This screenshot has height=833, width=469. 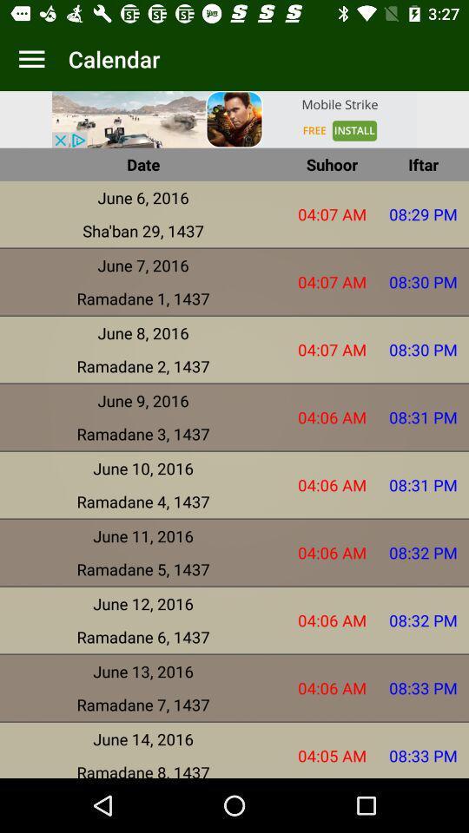 What do you see at coordinates (234, 118) in the screenshot?
I see `for adverisment` at bounding box center [234, 118].